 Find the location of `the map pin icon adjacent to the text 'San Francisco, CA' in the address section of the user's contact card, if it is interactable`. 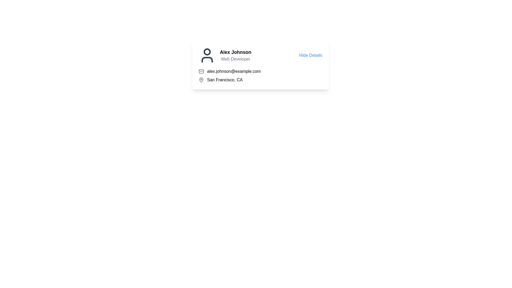

the map pin icon adjacent to the text 'San Francisco, CA' in the address section of the user's contact card, if it is interactable is located at coordinates (201, 80).